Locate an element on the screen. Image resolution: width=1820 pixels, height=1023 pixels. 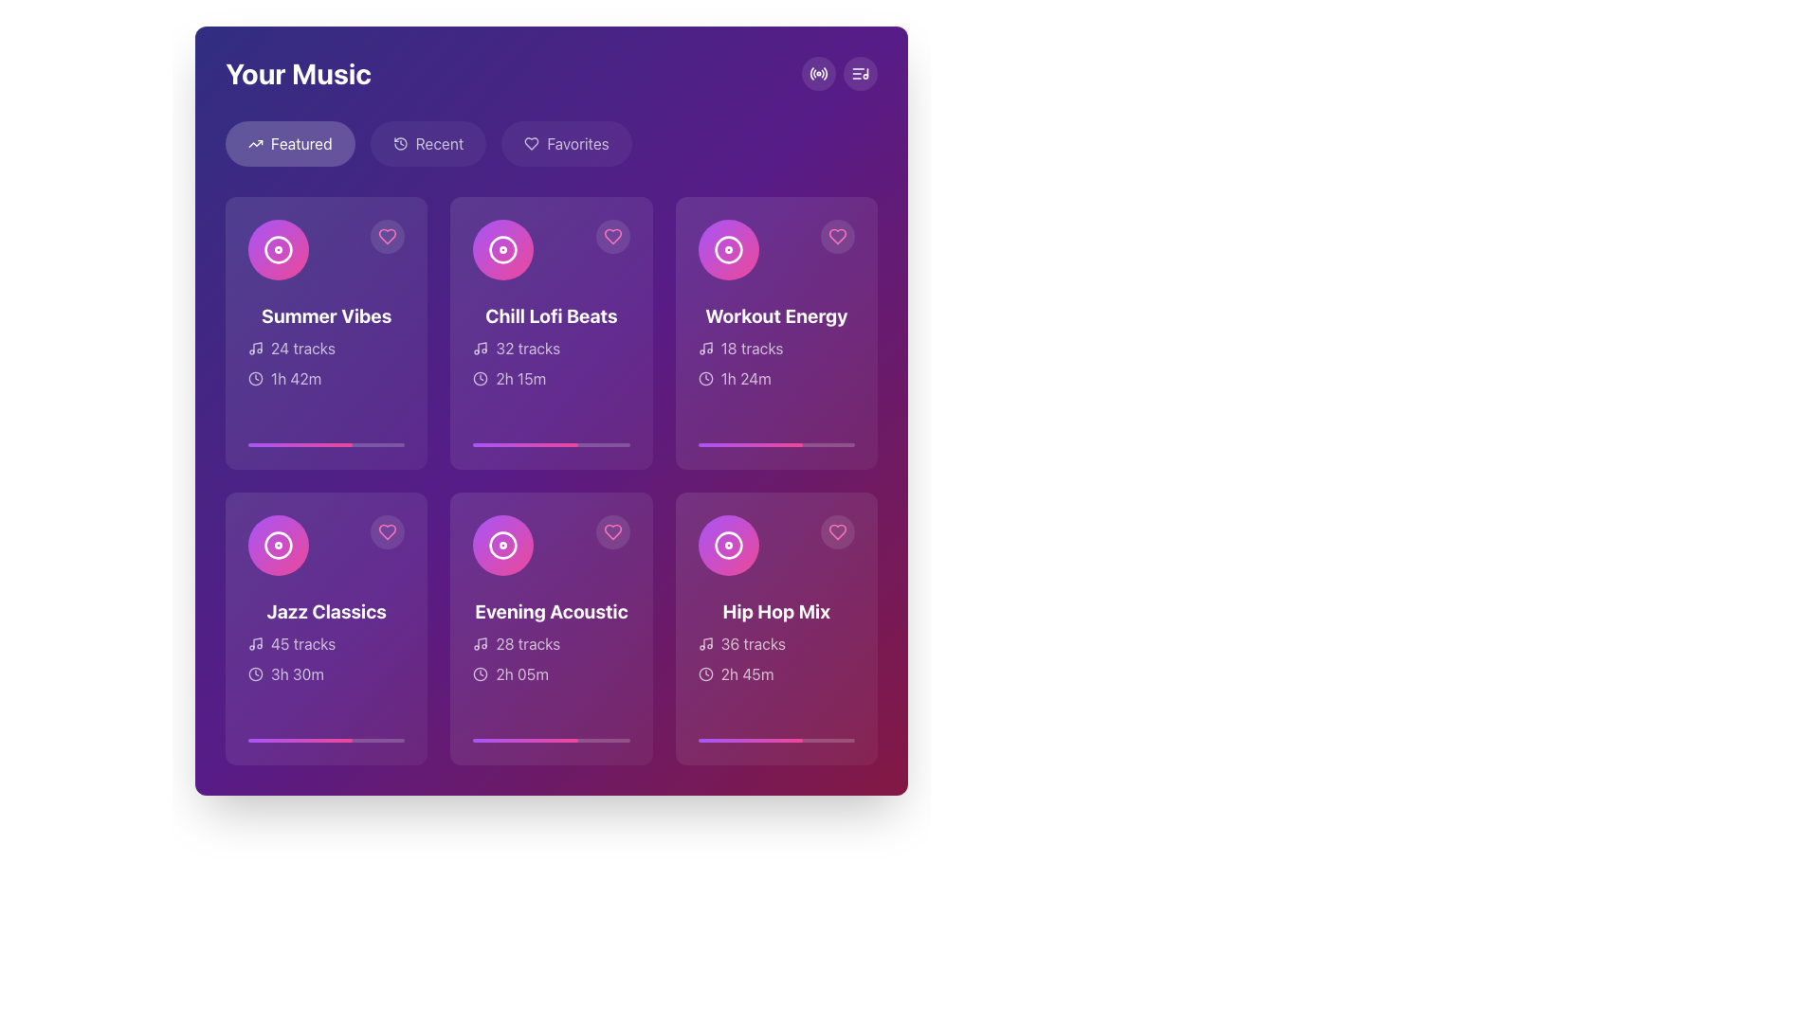
the narrow horizontal progress bar located at the bottom of the 'Evening Acoustic' card, which is part of the 'Your Music' section is located at coordinates (550, 740).